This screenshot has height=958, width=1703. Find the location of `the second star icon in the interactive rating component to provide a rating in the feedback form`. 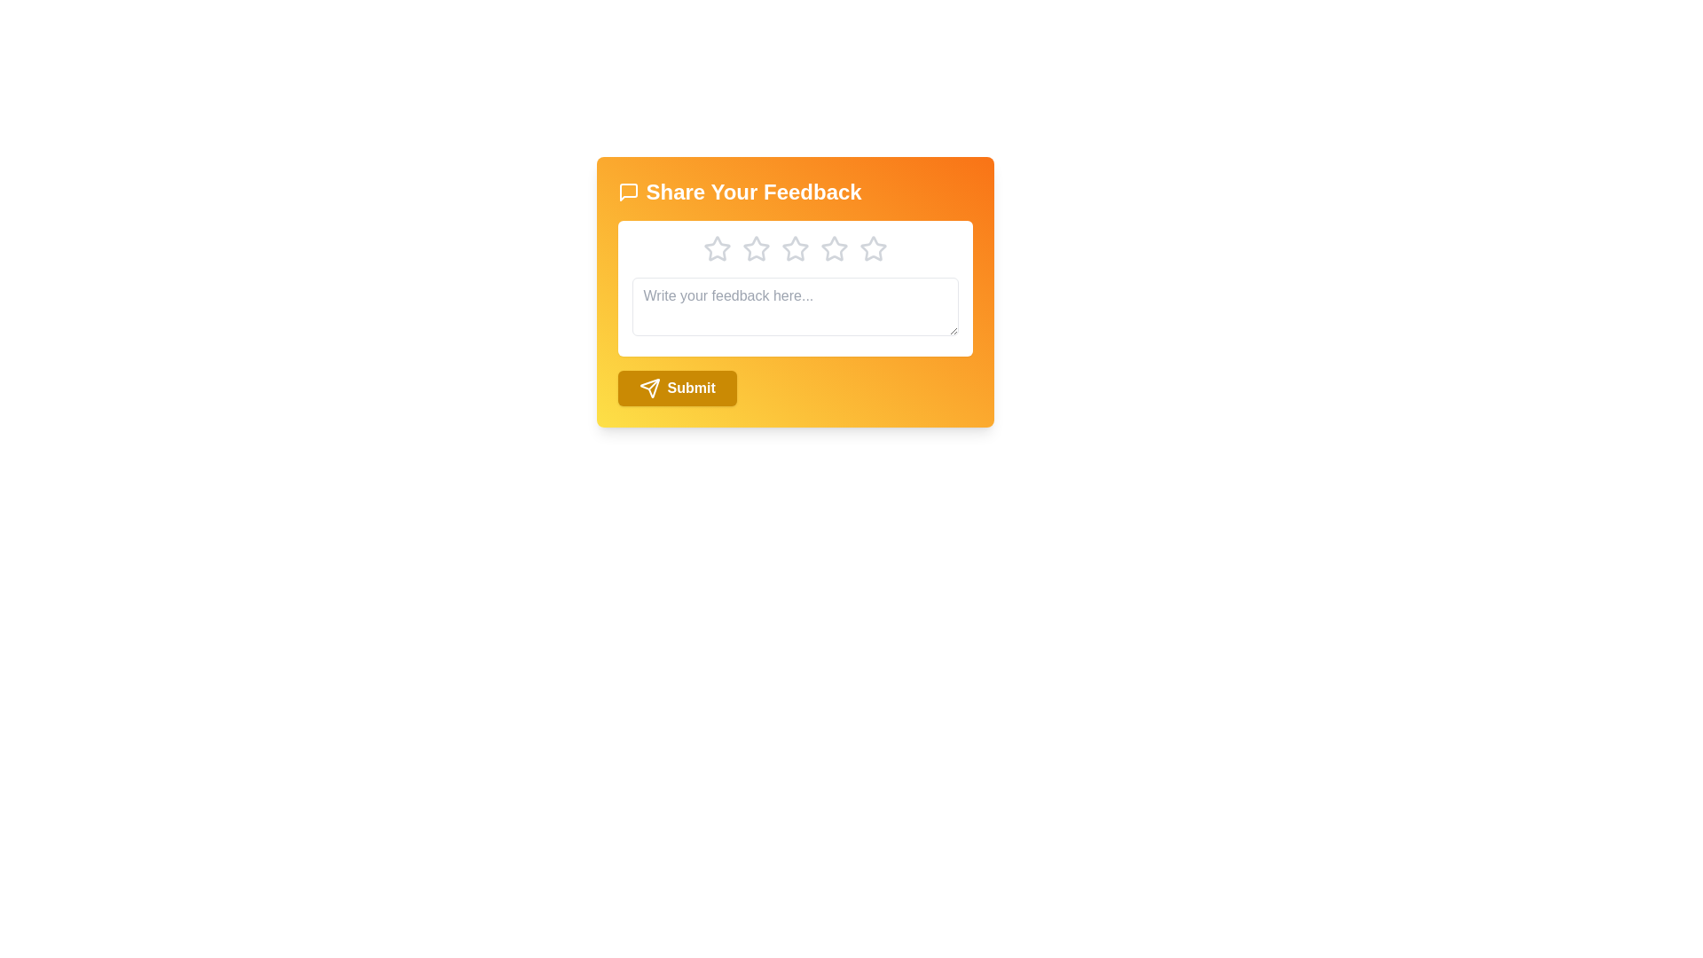

the second star icon in the interactive rating component to provide a rating in the feedback form is located at coordinates (756, 248).